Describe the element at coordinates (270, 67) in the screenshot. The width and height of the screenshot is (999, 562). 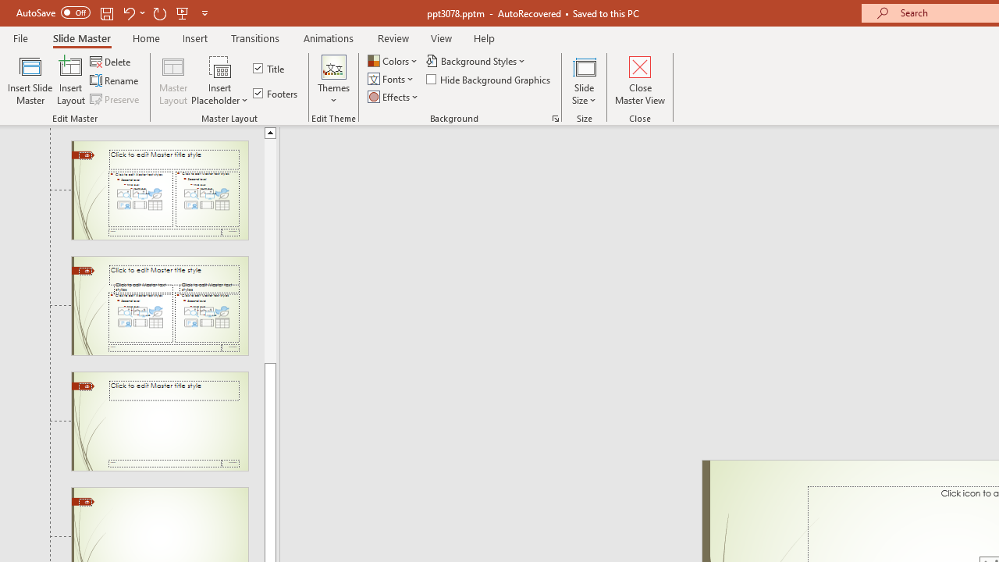
I see `'Title'` at that location.